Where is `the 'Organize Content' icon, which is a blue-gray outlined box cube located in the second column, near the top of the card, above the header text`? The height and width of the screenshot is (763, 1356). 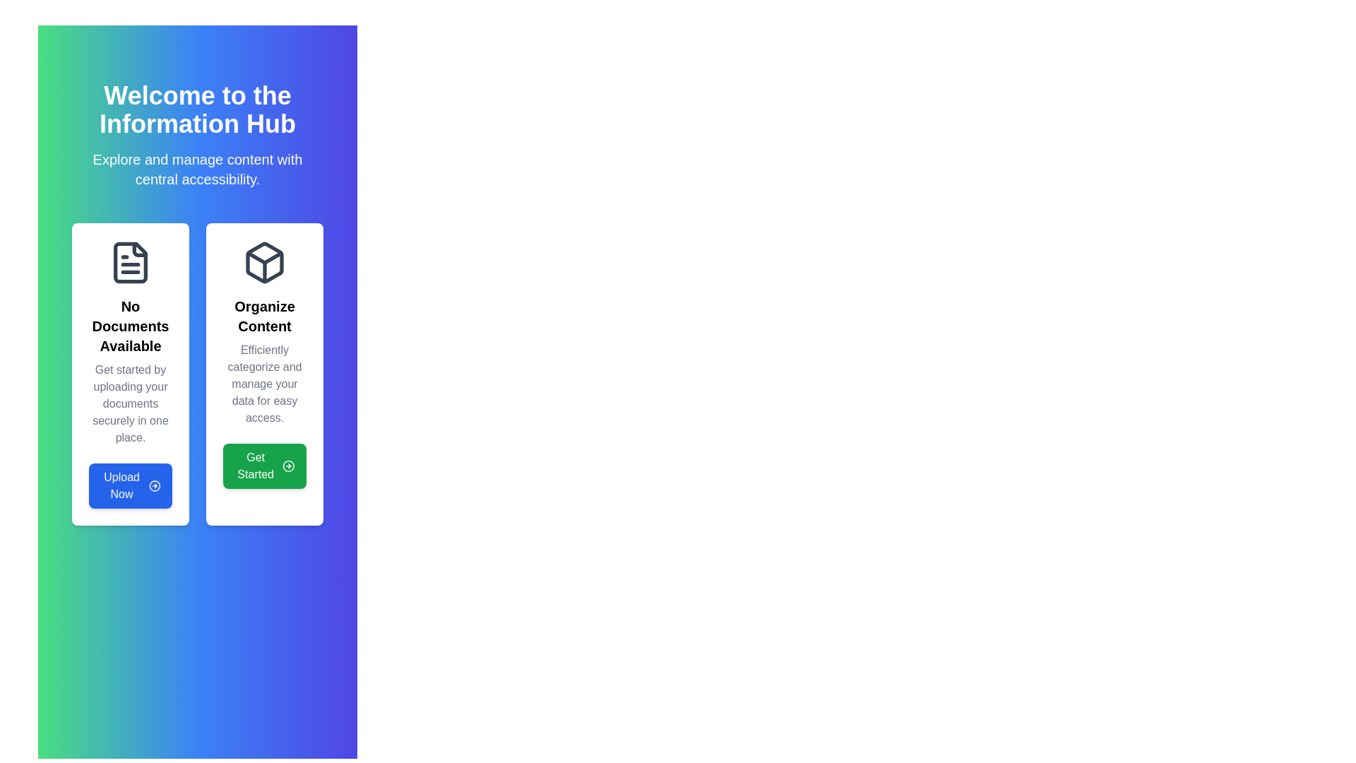
the 'Organize Content' icon, which is a blue-gray outlined box cube located in the second column, near the top of the card, above the header text is located at coordinates (264, 262).